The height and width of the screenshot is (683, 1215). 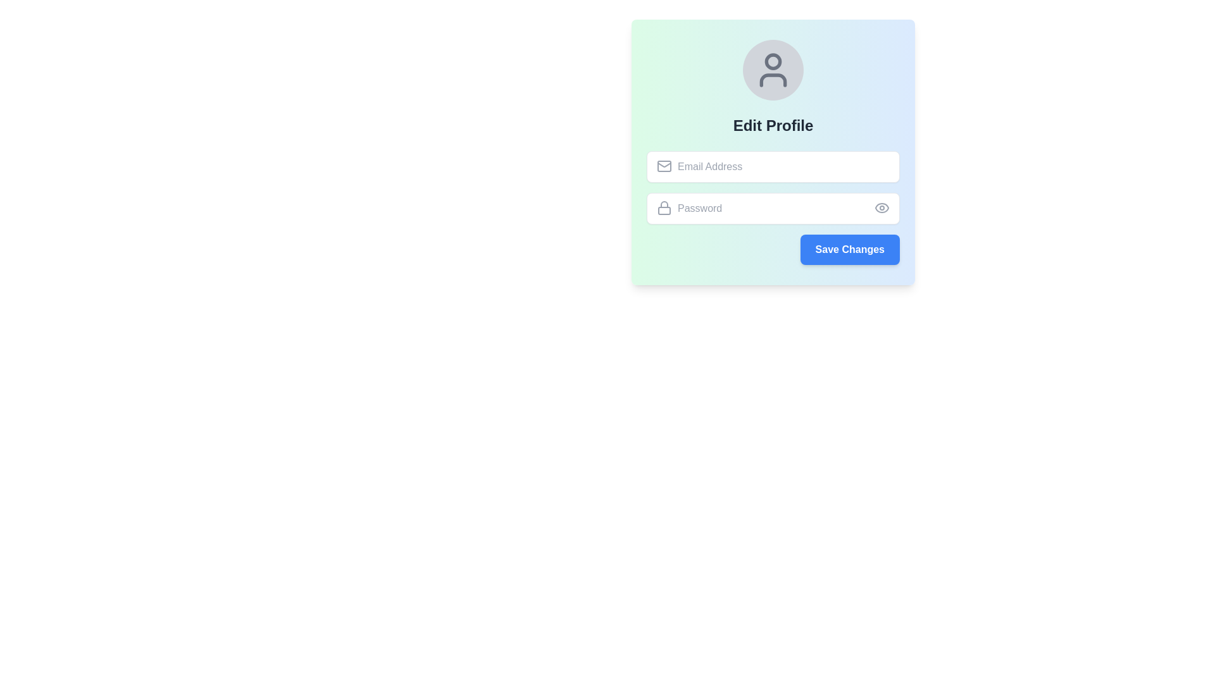 I want to click on the envelope icon, which is a small minimalist outline icon located to the left of the 'Email Address' text input field, so click(x=664, y=165).